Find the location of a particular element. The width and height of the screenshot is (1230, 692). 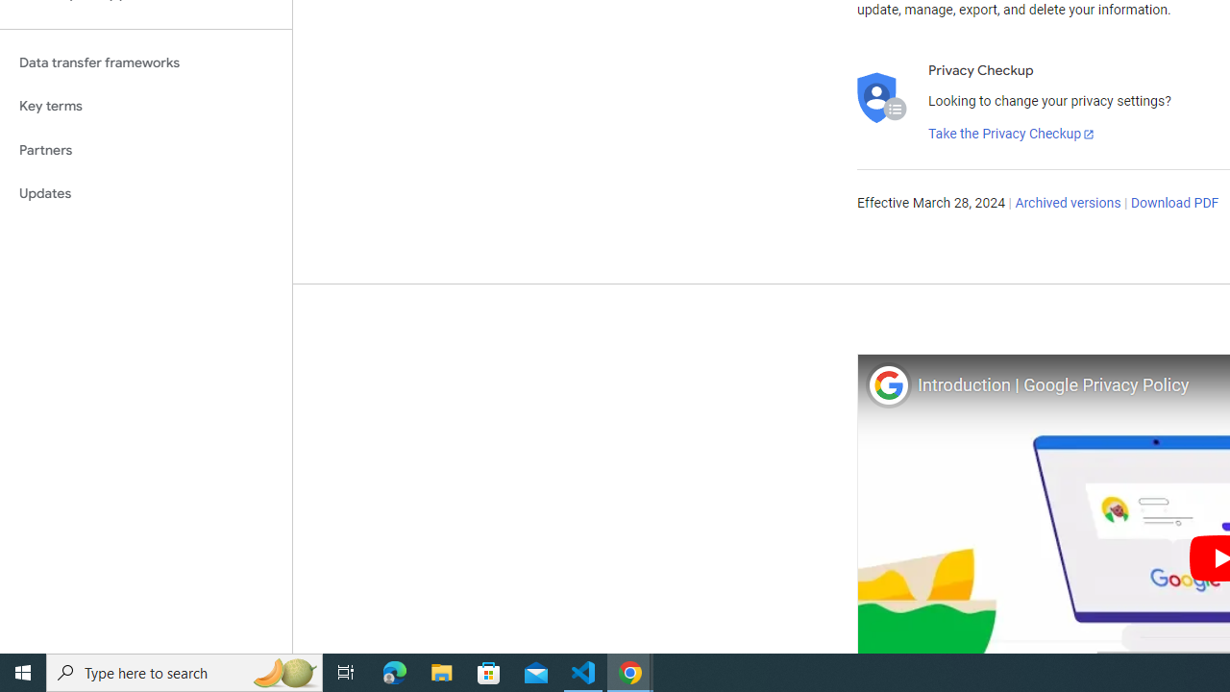

'Data transfer frameworks' is located at coordinates (145, 62).